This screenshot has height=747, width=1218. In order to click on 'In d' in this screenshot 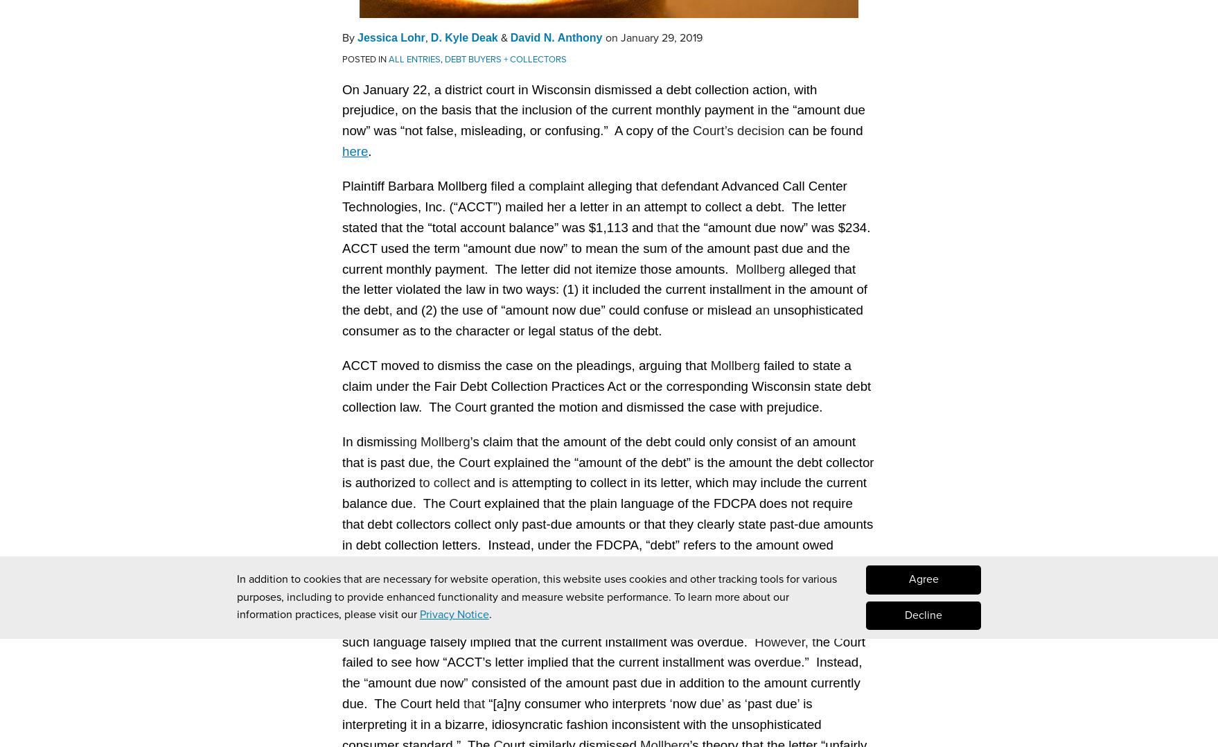, I will do `click(352, 439)`.